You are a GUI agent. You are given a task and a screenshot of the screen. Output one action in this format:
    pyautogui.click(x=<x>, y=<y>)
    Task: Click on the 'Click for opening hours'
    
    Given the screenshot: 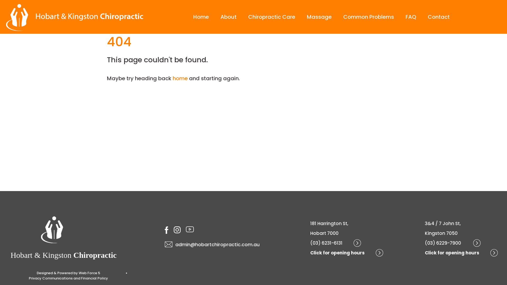 What is the action you would take?
    pyautogui.click(x=461, y=252)
    